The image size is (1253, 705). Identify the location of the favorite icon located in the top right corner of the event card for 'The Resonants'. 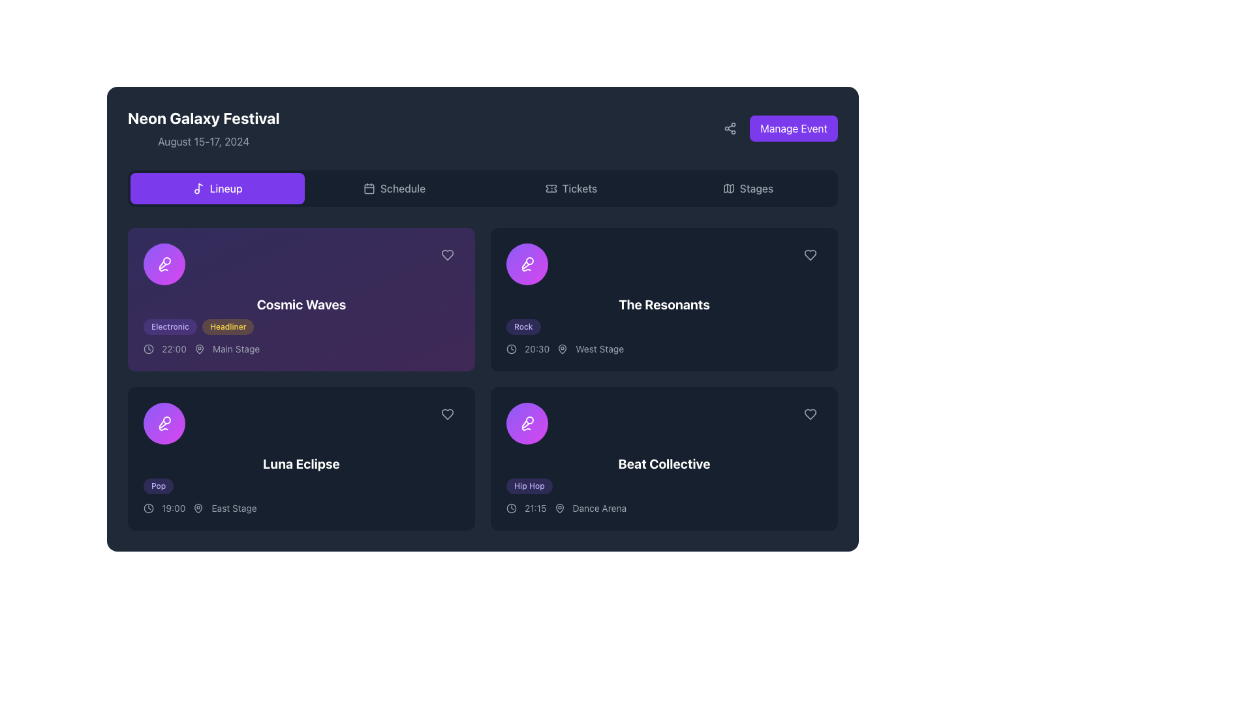
(810, 255).